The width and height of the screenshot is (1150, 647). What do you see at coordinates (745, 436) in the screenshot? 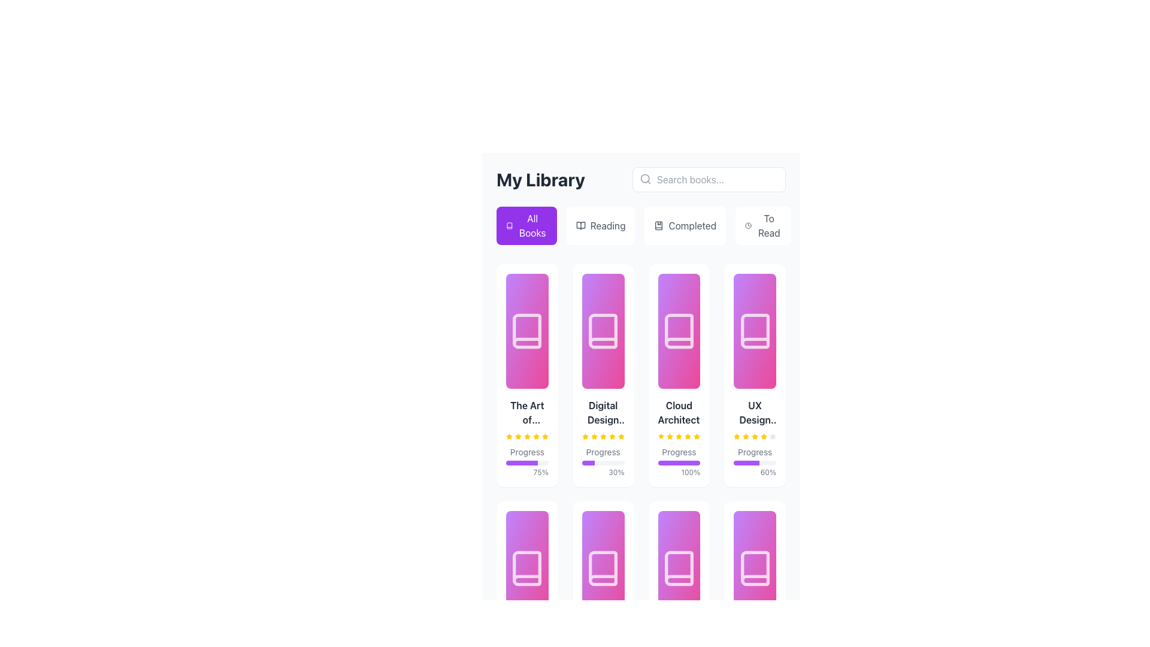
I see `the fourth star in the star rating component under the 'UX Design' book card` at bounding box center [745, 436].